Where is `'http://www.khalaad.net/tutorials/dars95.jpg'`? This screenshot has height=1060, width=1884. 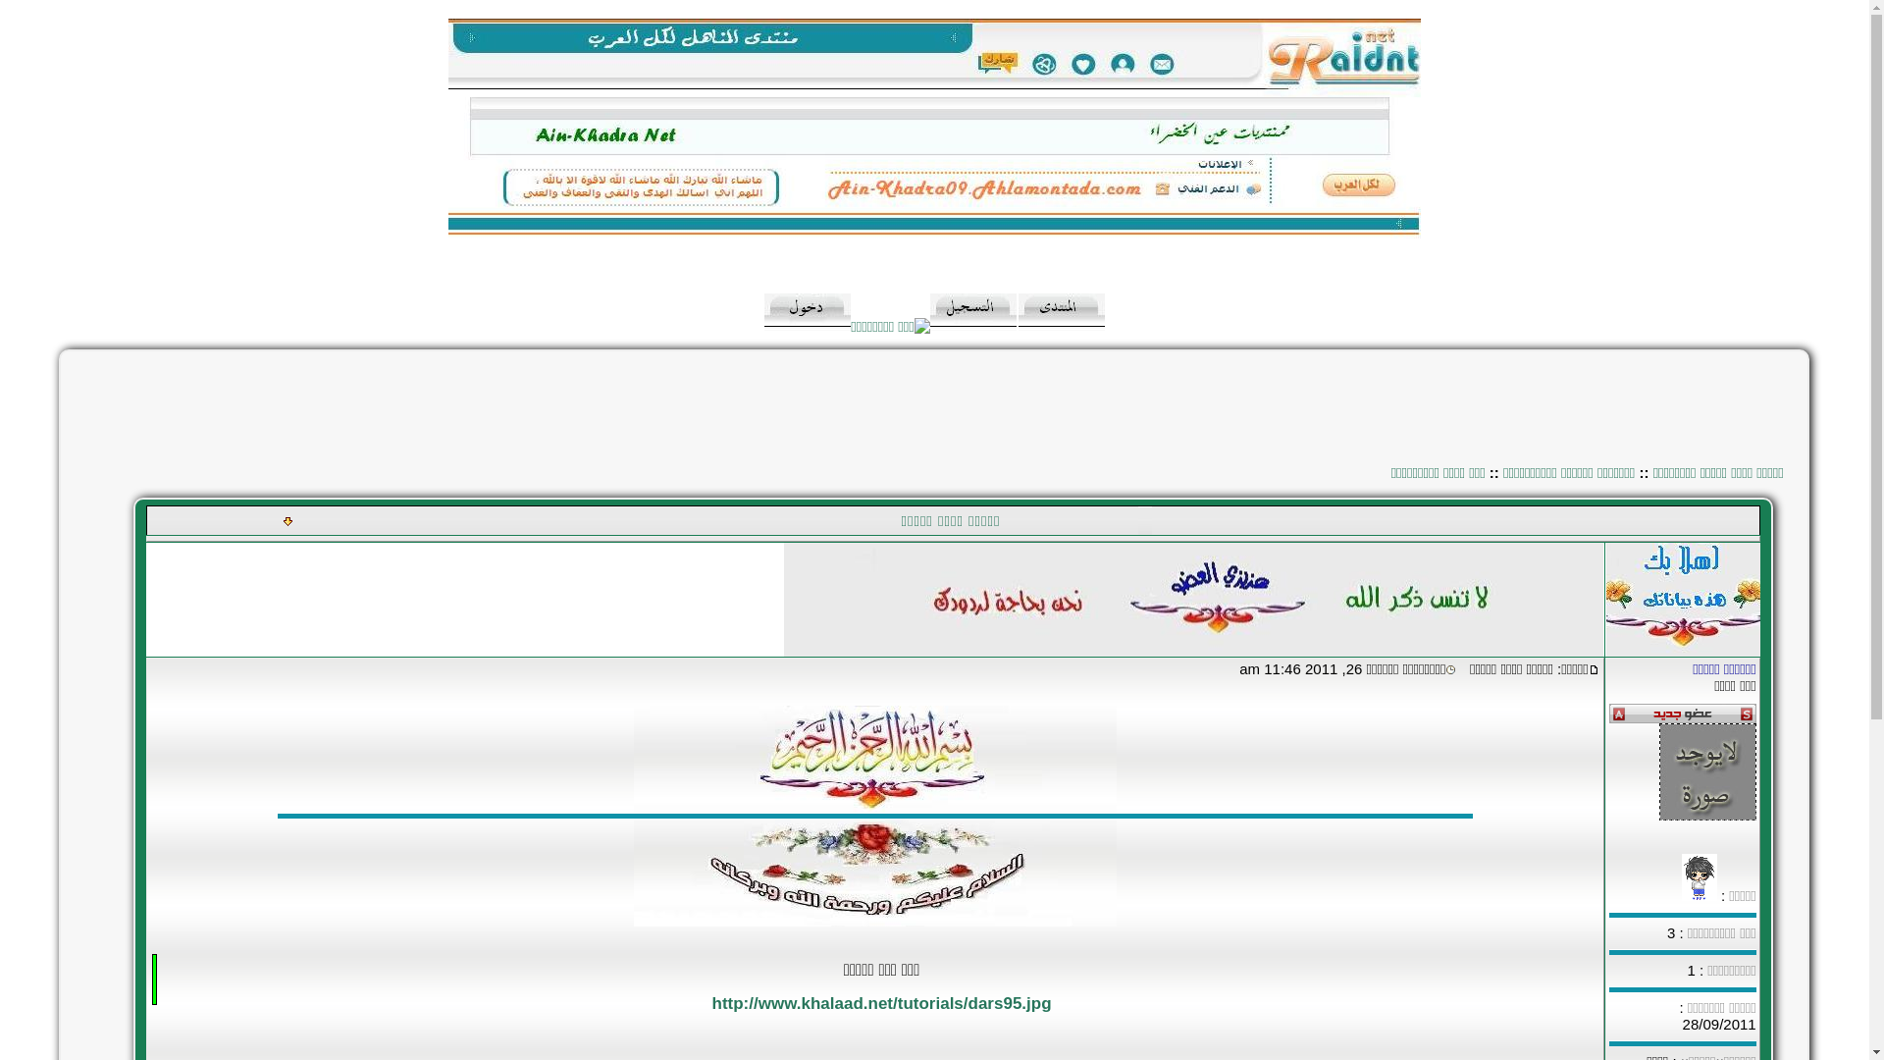 'http://www.khalaad.net/tutorials/dars95.jpg' is located at coordinates (880, 1003).